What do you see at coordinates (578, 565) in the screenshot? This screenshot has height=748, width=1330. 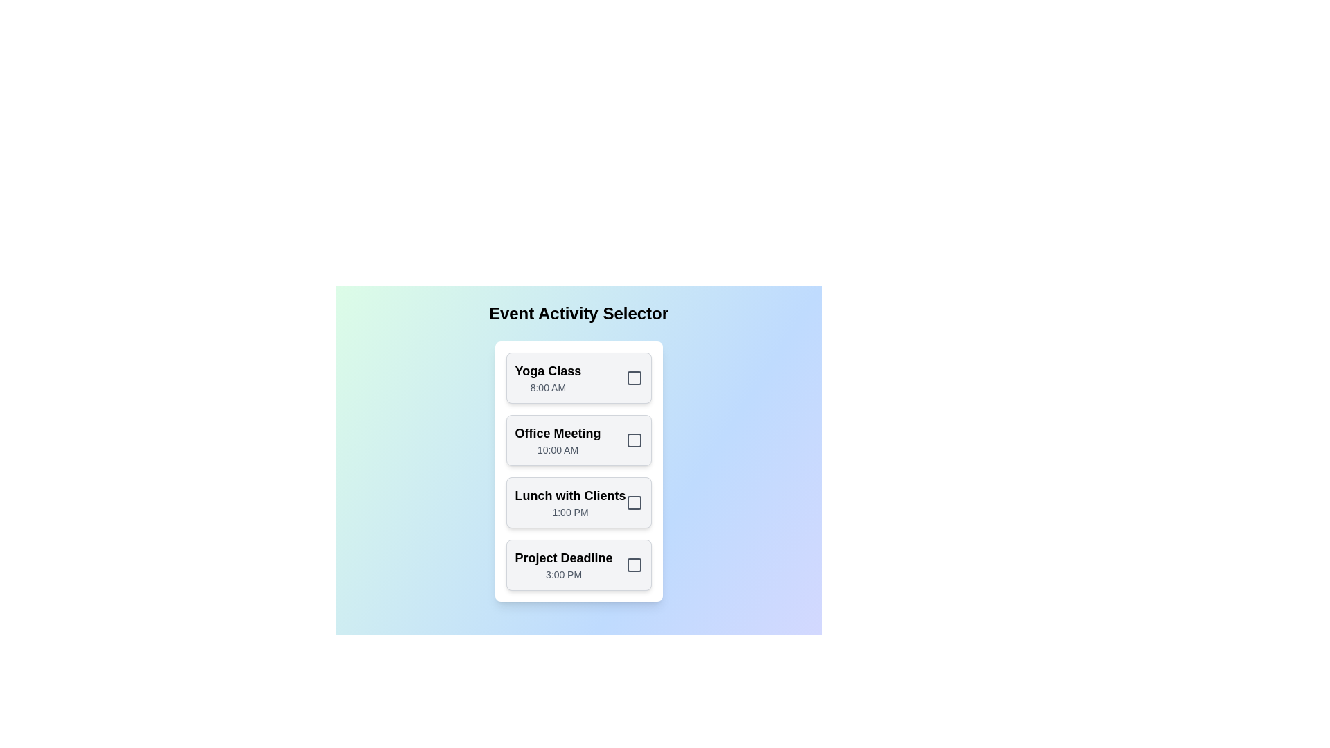 I see `the activity card corresponding to Project Deadline to toggle its selection state` at bounding box center [578, 565].